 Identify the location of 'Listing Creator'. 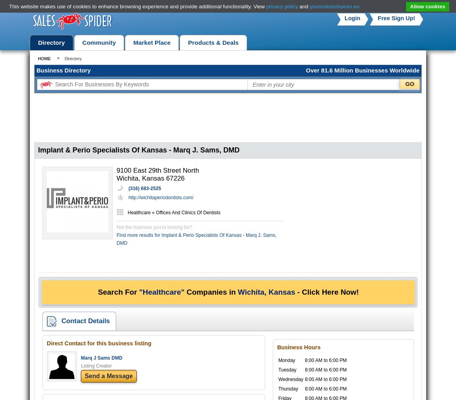
(80, 366).